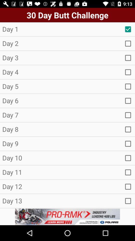  Describe the element at coordinates (67, 217) in the screenshot. I see `advertisement area` at that location.